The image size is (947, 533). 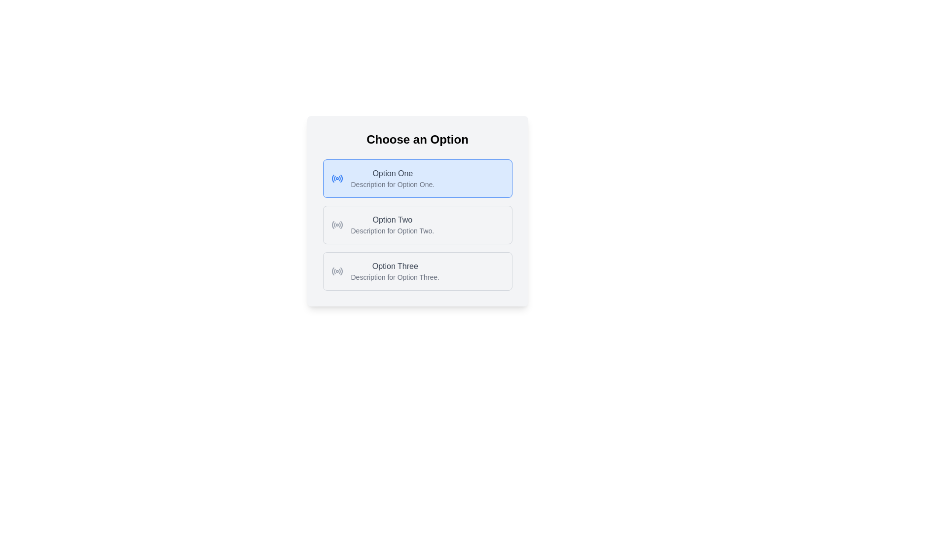 What do you see at coordinates (392, 173) in the screenshot?
I see `the text label that describes the first selectable option in a vertical list of choices labeled 'Option One', 'Option Two', and 'Option Three'` at bounding box center [392, 173].